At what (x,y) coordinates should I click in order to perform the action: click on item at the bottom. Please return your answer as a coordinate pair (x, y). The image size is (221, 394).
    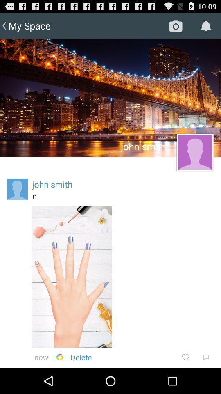
    Looking at the image, I should click on (81, 357).